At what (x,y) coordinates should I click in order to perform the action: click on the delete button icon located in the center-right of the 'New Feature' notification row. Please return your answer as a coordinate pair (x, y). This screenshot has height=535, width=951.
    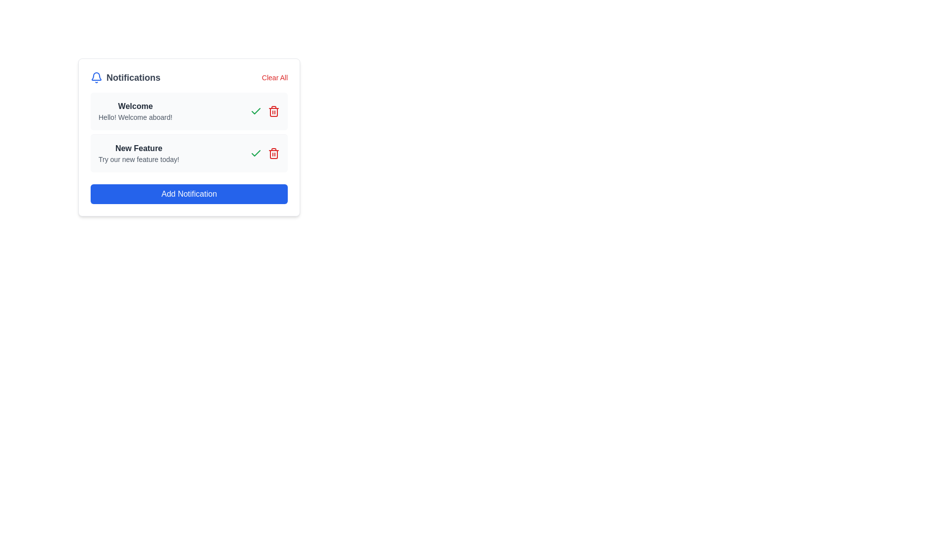
    Looking at the image, I should click on (273, 153).